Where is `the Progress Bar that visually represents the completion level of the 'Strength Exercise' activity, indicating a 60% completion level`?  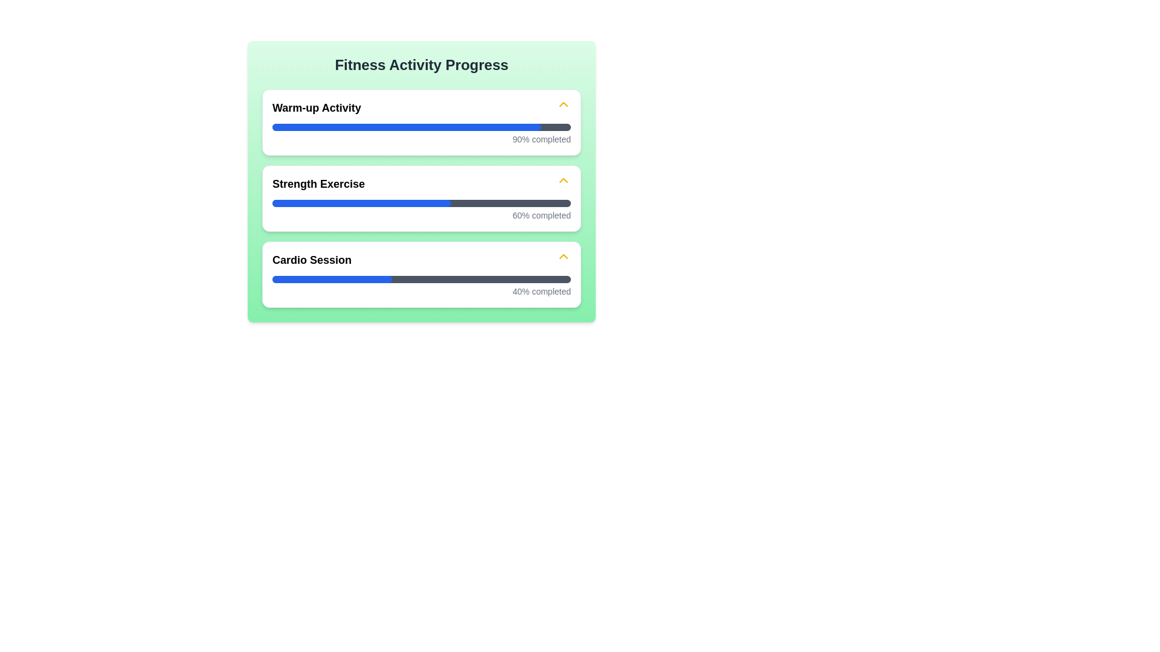
the Progress Bar that visually represents the completion level of the 'Strength Exercise' activity, indicating a 60% completion level is located at coordinates (361, 202).